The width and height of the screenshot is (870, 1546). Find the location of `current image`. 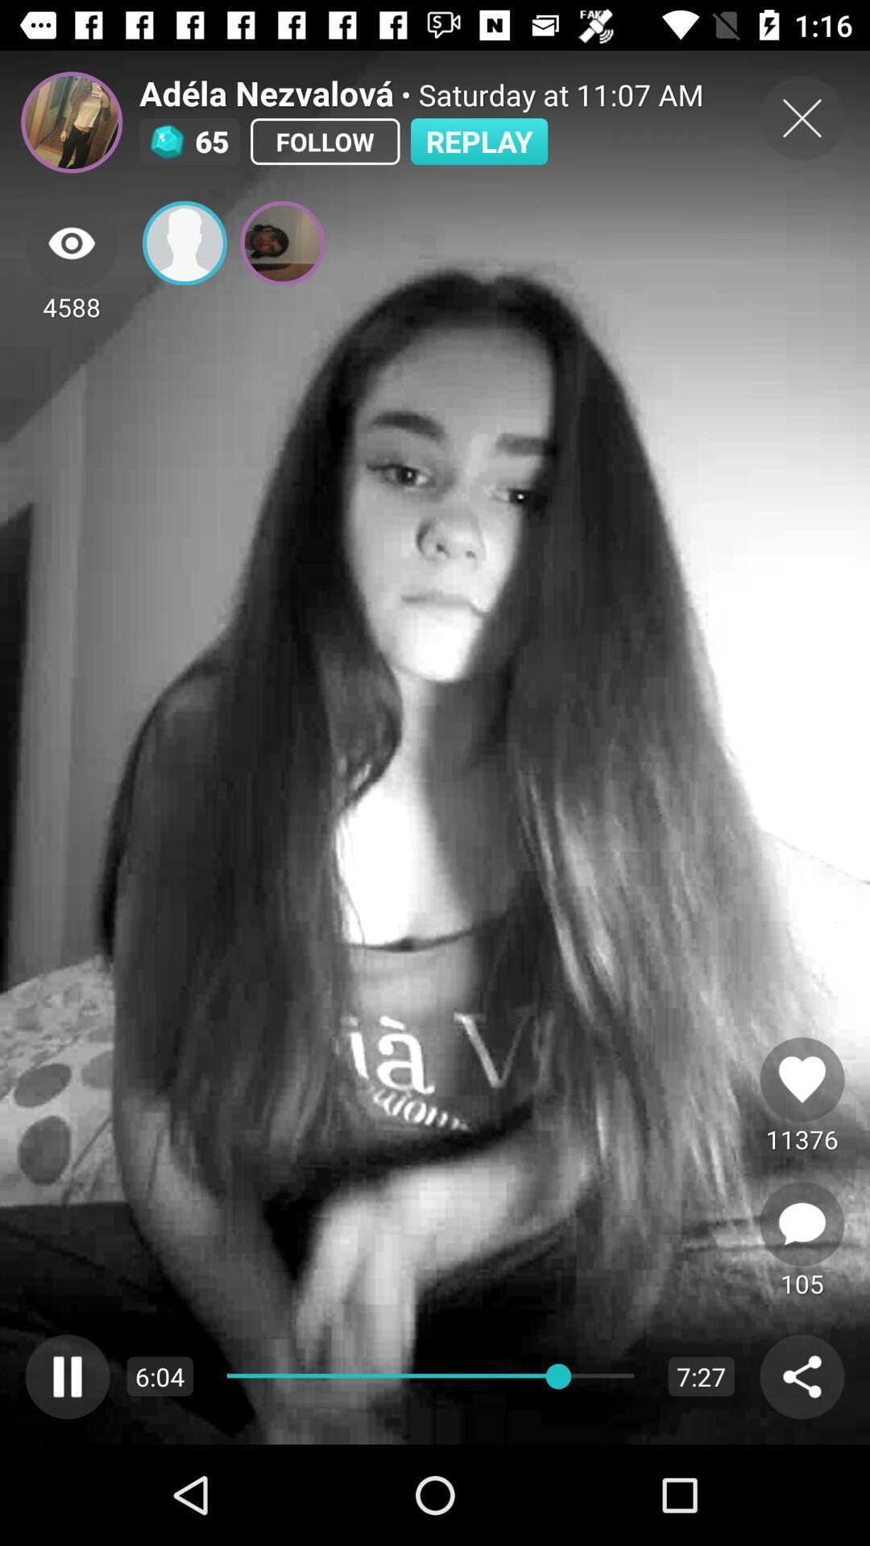

current image is located at coordinates (802, 118).